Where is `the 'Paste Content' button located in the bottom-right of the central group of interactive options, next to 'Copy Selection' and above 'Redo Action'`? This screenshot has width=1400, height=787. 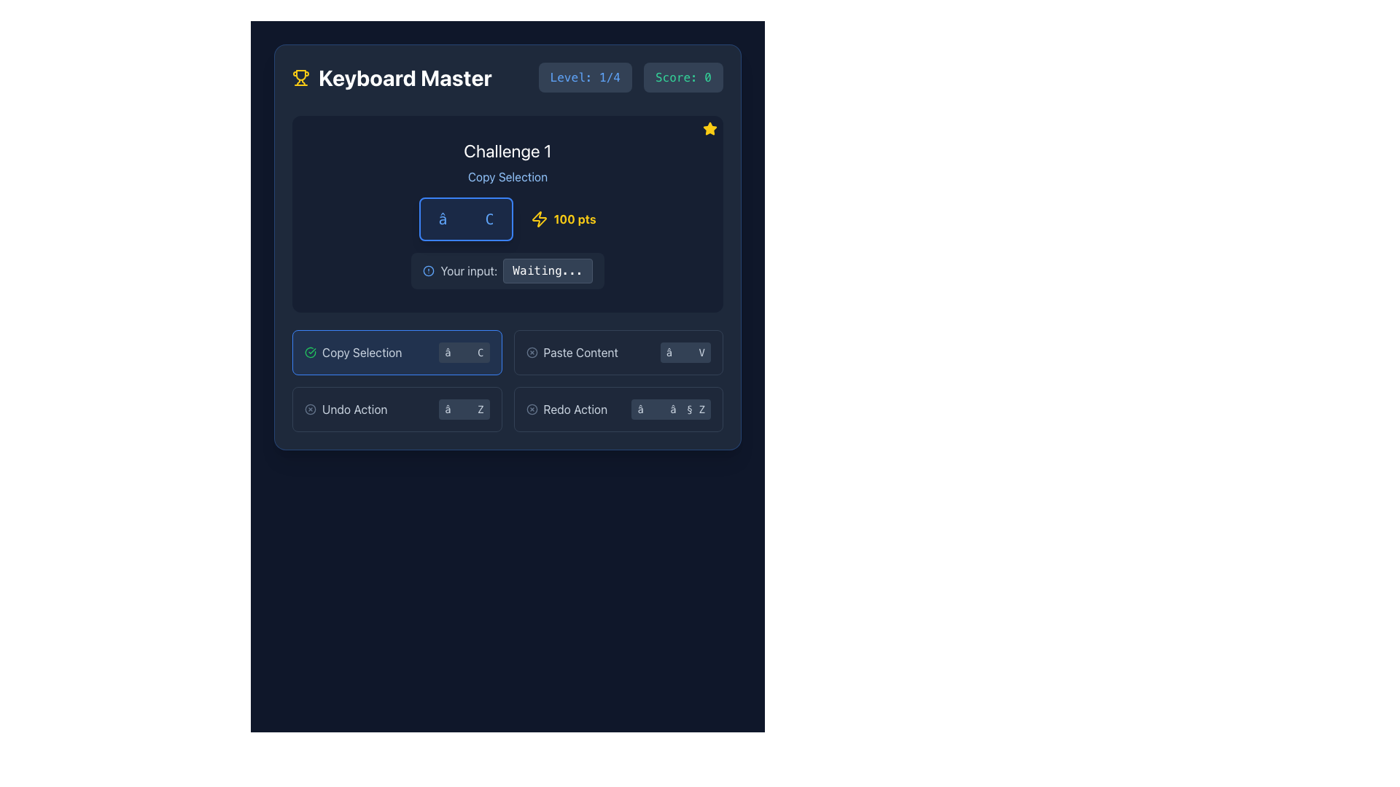
the 'Paste Content' button located in the bottom-right of the central group of interactive options, next to 'Copy Selection' and above 'Redo Action' is located at coordinates (618, 352).